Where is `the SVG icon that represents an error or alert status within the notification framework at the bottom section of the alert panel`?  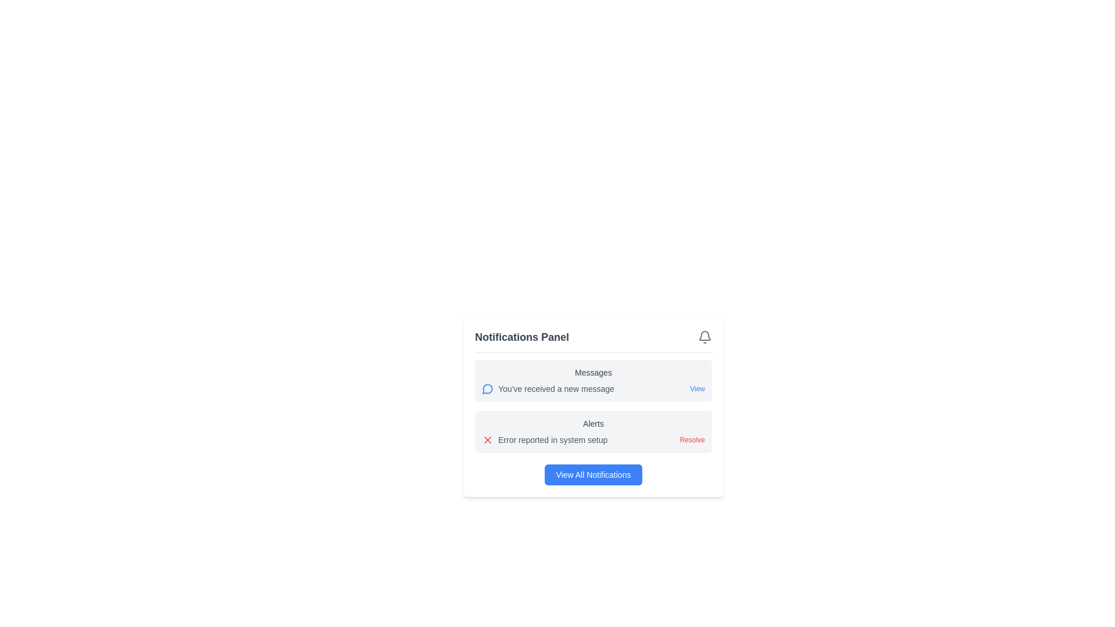 the SVG icon that represents an error or alert status within the notification framework at the bottom section of the alert panel is located at coordinates (488, 440).